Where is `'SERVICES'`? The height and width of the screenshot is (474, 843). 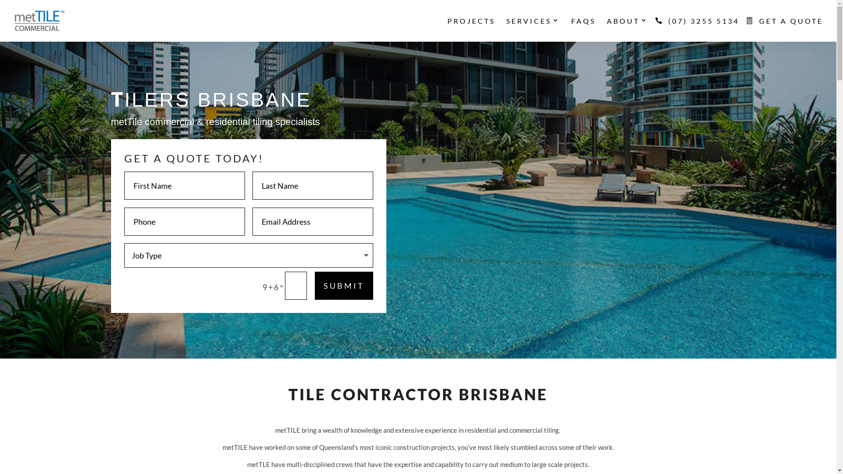 'SERVICES' is located at coordinates (533, 29).